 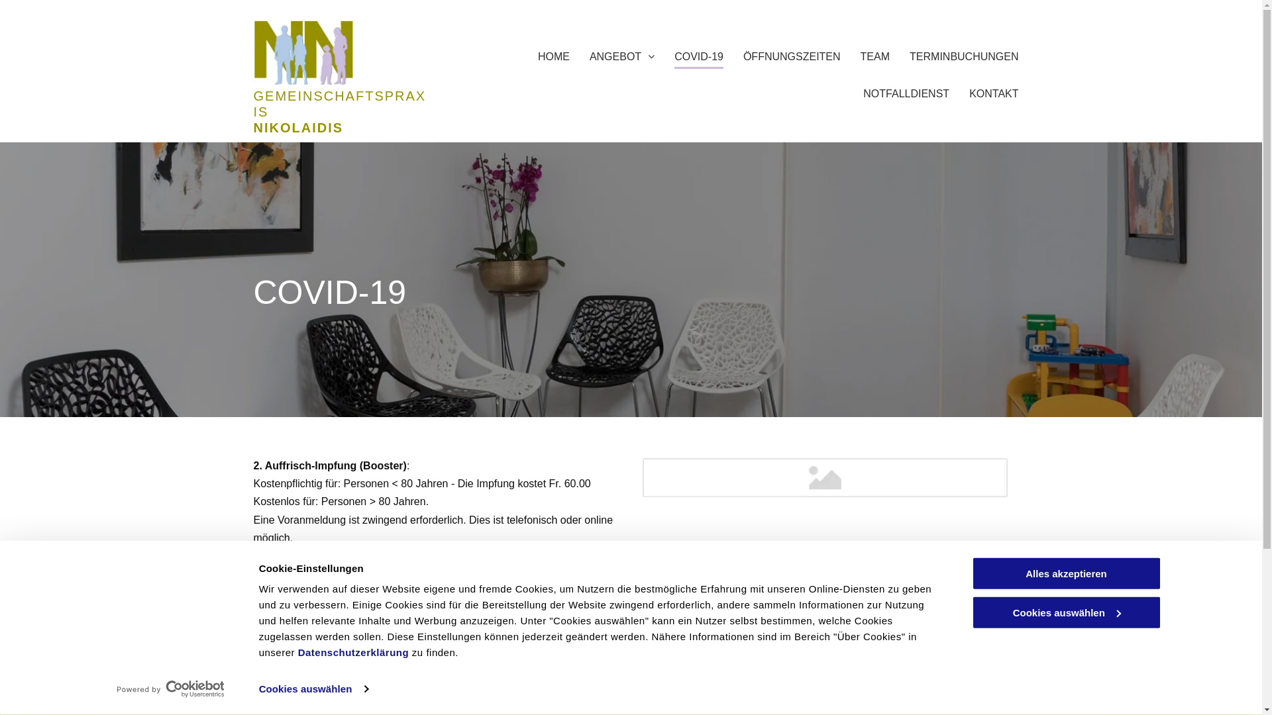 I want to click on 'TERMINBUCHUNGEN', so click(x=963, y=53).